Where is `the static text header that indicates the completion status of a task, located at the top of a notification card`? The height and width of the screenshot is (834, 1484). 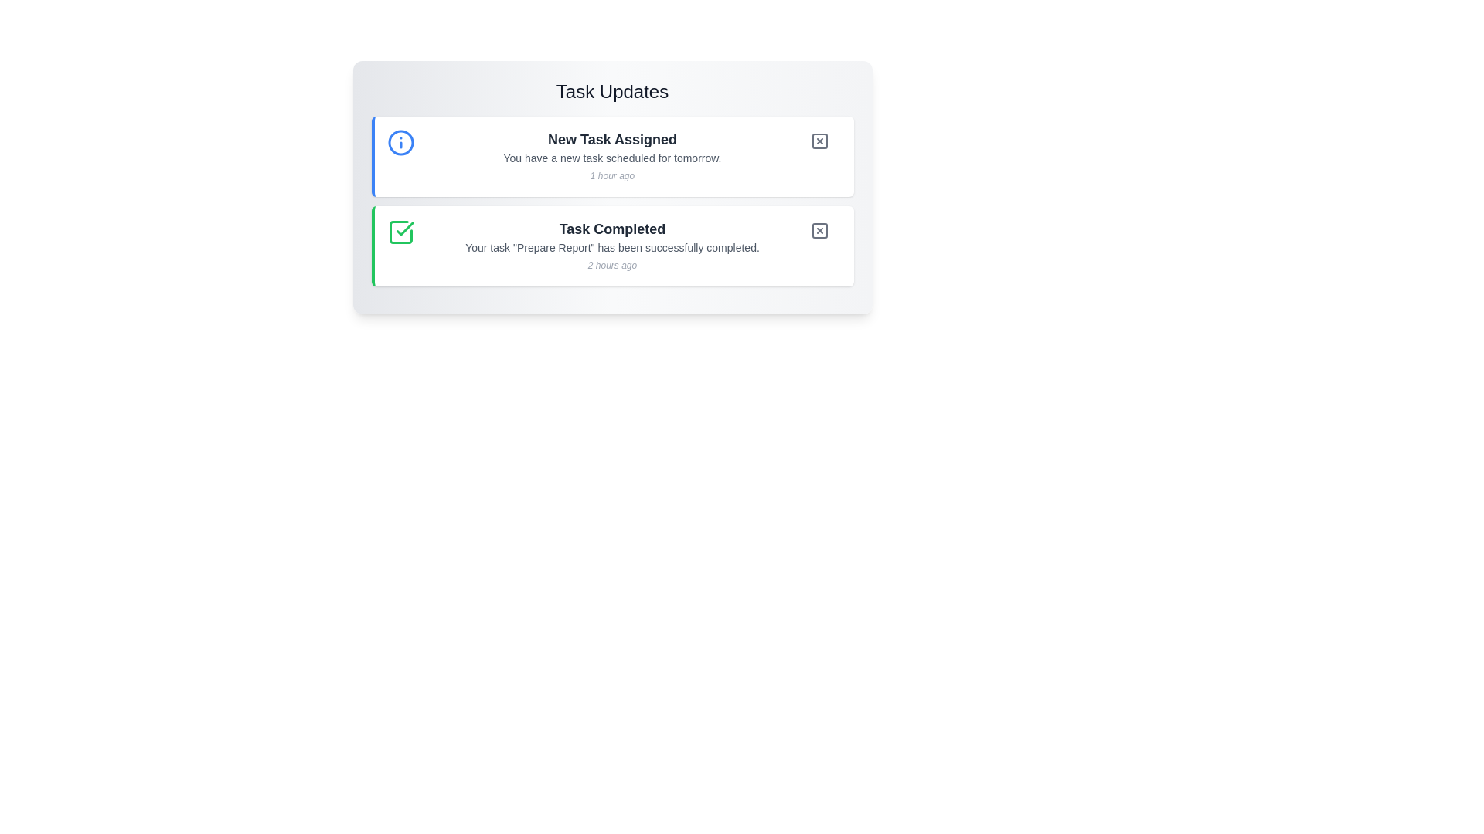
the static text header that indicates the completion status of a task, located at the top of a notification card is located at coordinates (611, 229).